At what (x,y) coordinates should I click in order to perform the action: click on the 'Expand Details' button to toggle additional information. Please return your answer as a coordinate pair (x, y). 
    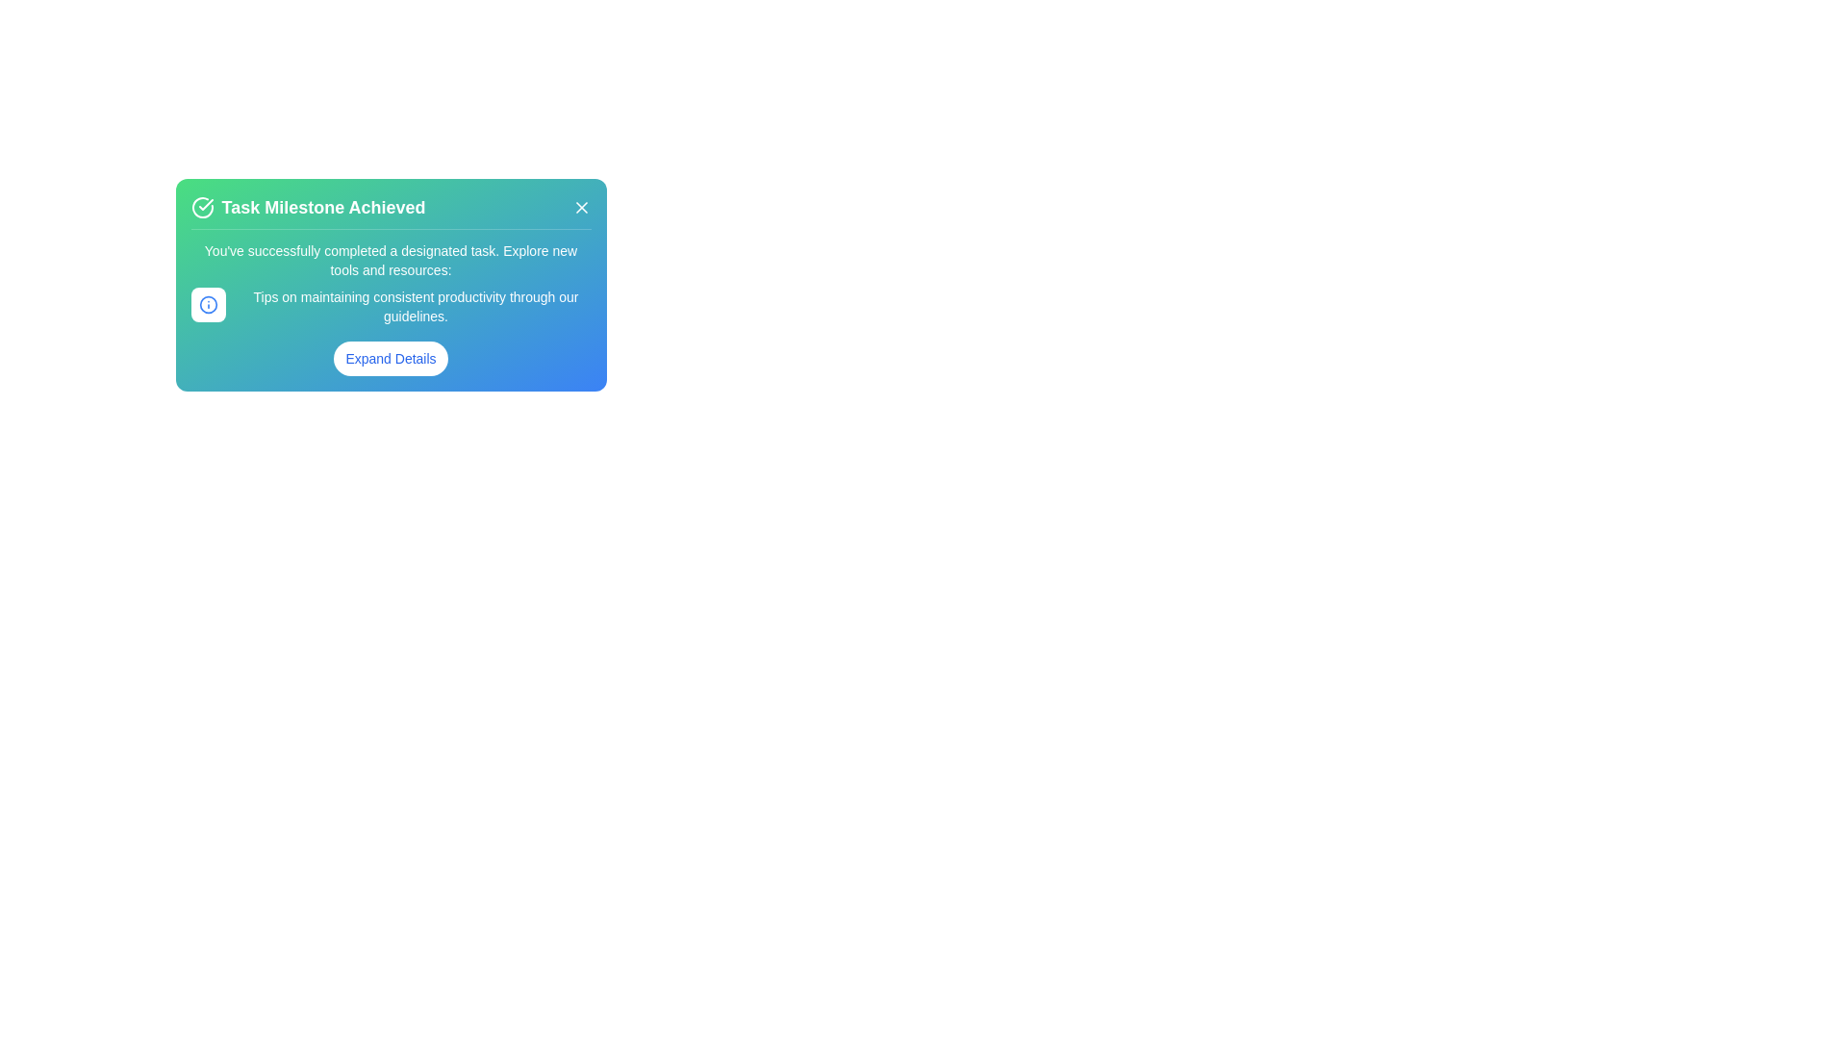
    Looking at the image, I should click on (390, 359).